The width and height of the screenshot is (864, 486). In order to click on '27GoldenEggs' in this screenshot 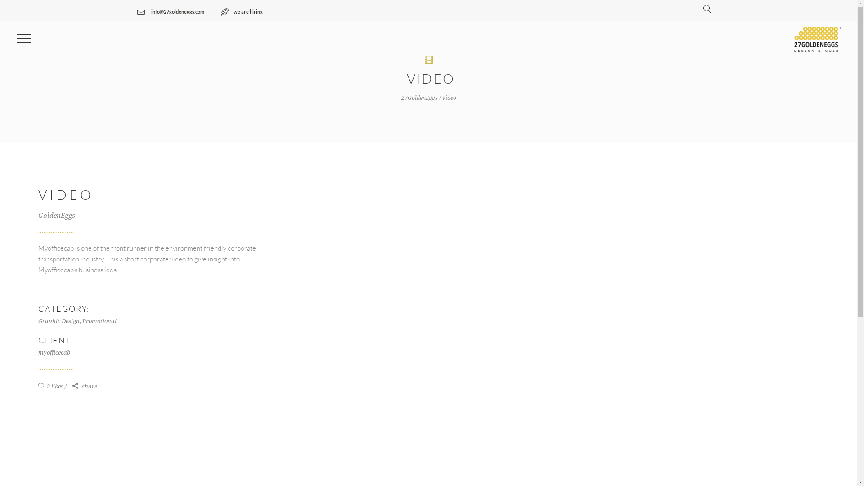, I will do `click(419, 98)`.